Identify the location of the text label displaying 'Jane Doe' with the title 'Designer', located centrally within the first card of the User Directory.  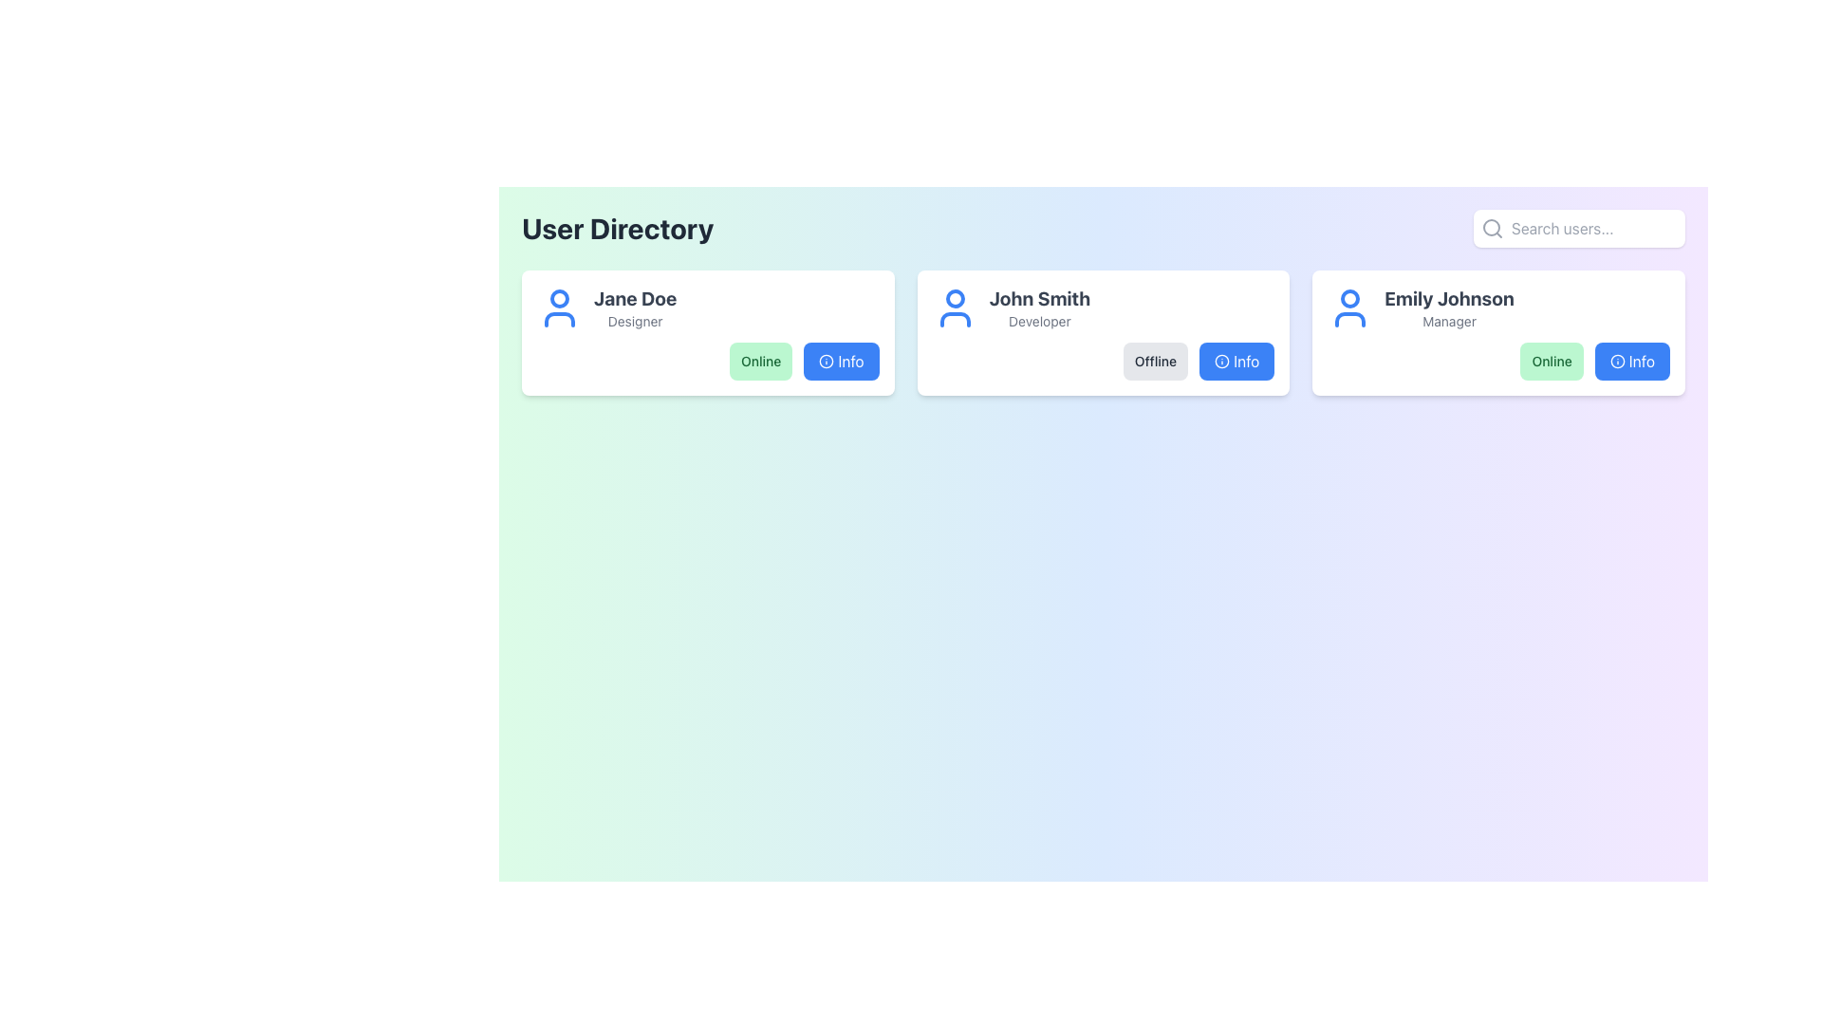
(635, 307).